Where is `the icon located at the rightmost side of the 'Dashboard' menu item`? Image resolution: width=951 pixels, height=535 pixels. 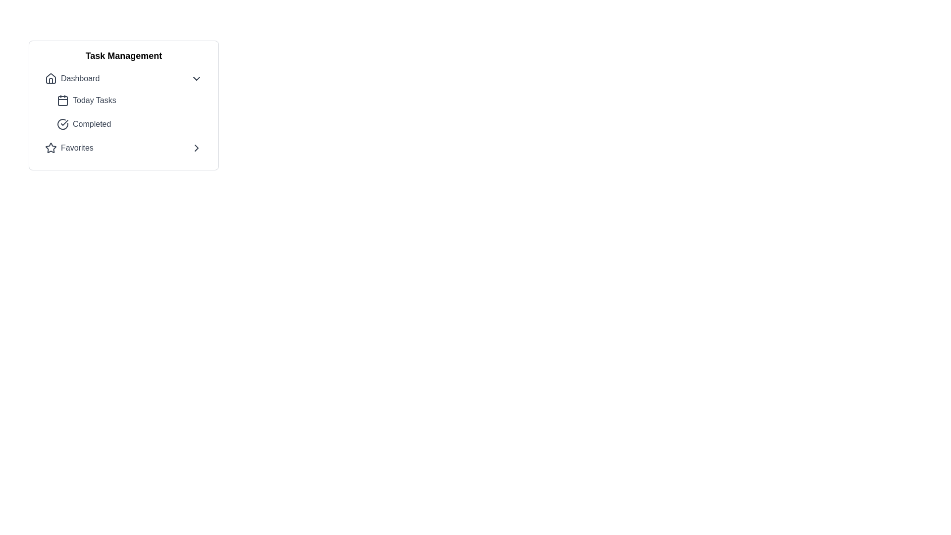
the icon located at the rightmost side of the 'Dashboard' menu item is located at coordinates (197, 78).